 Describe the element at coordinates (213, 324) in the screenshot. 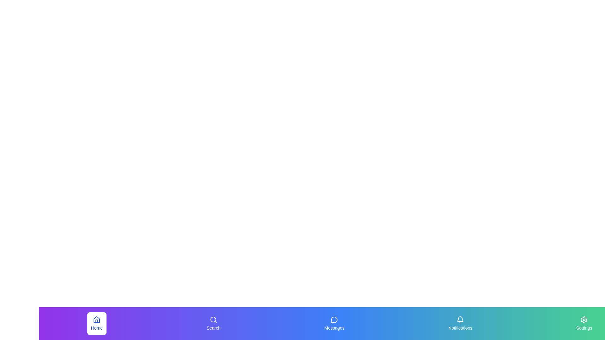

I see `the navigation icon labeled 'Search'` at that location.